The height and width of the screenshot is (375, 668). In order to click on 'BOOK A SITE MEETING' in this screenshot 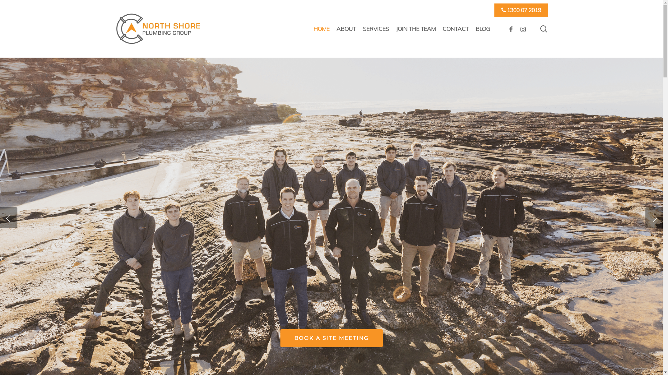, I will do `click(280, 338)`.